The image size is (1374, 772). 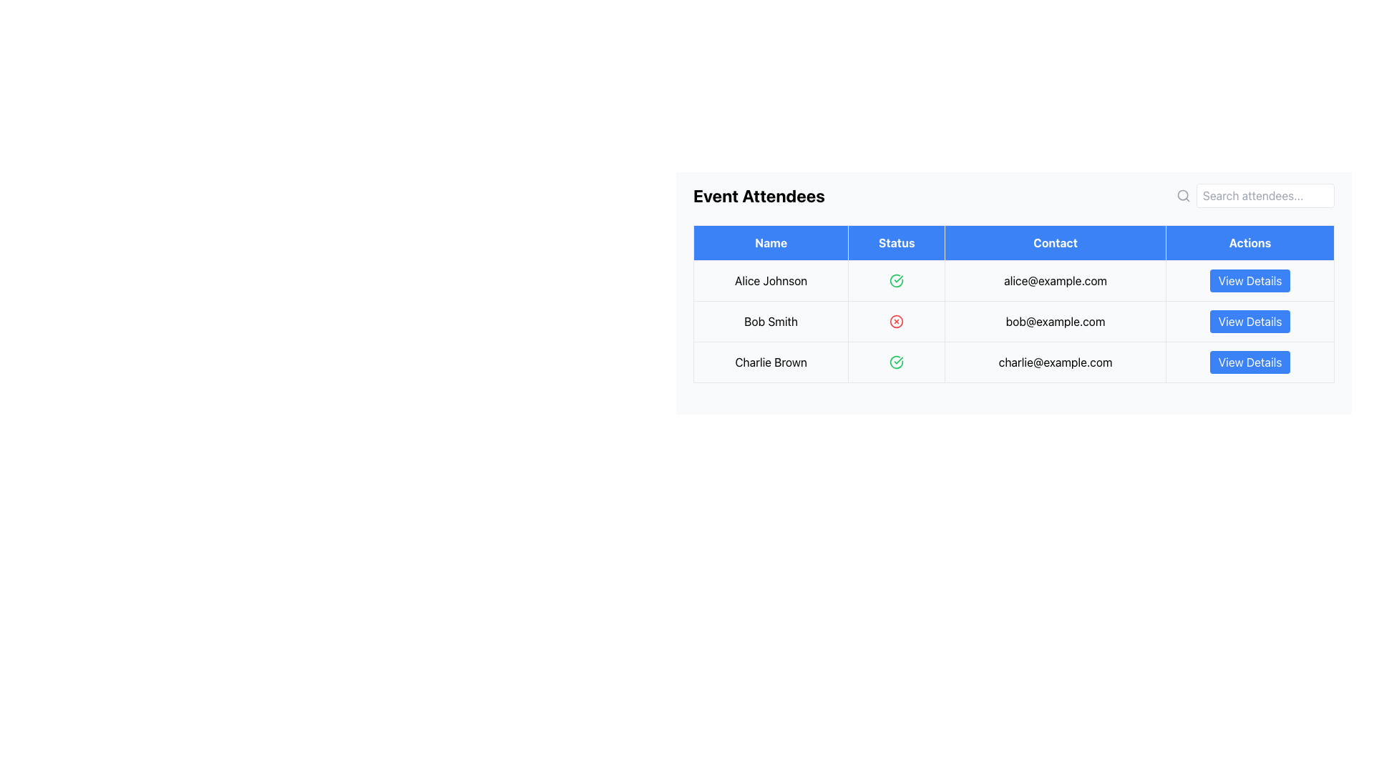 What do you see at coordinates (896, 322) in the screenshot?
I see `the status indication of the circular red icon representing the status of 'Bob Smith' located in the second row under the 'Status' column of the 'Event Attendees' table` at bounding box center [896, 322].